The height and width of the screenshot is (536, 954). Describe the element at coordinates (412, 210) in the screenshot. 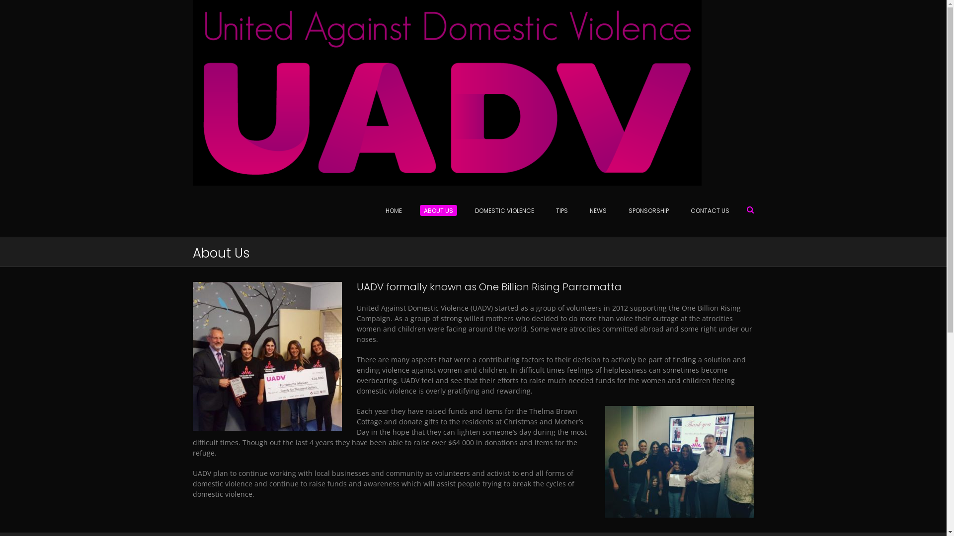

I see `'ABOUT US'` at that location.